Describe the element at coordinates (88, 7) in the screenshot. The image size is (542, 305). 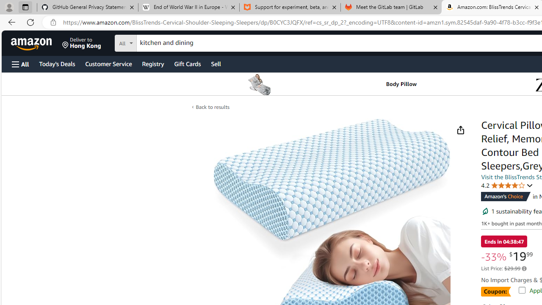
I see `'GitHub General Privacy Statement - GitHub Docs'` at that location.